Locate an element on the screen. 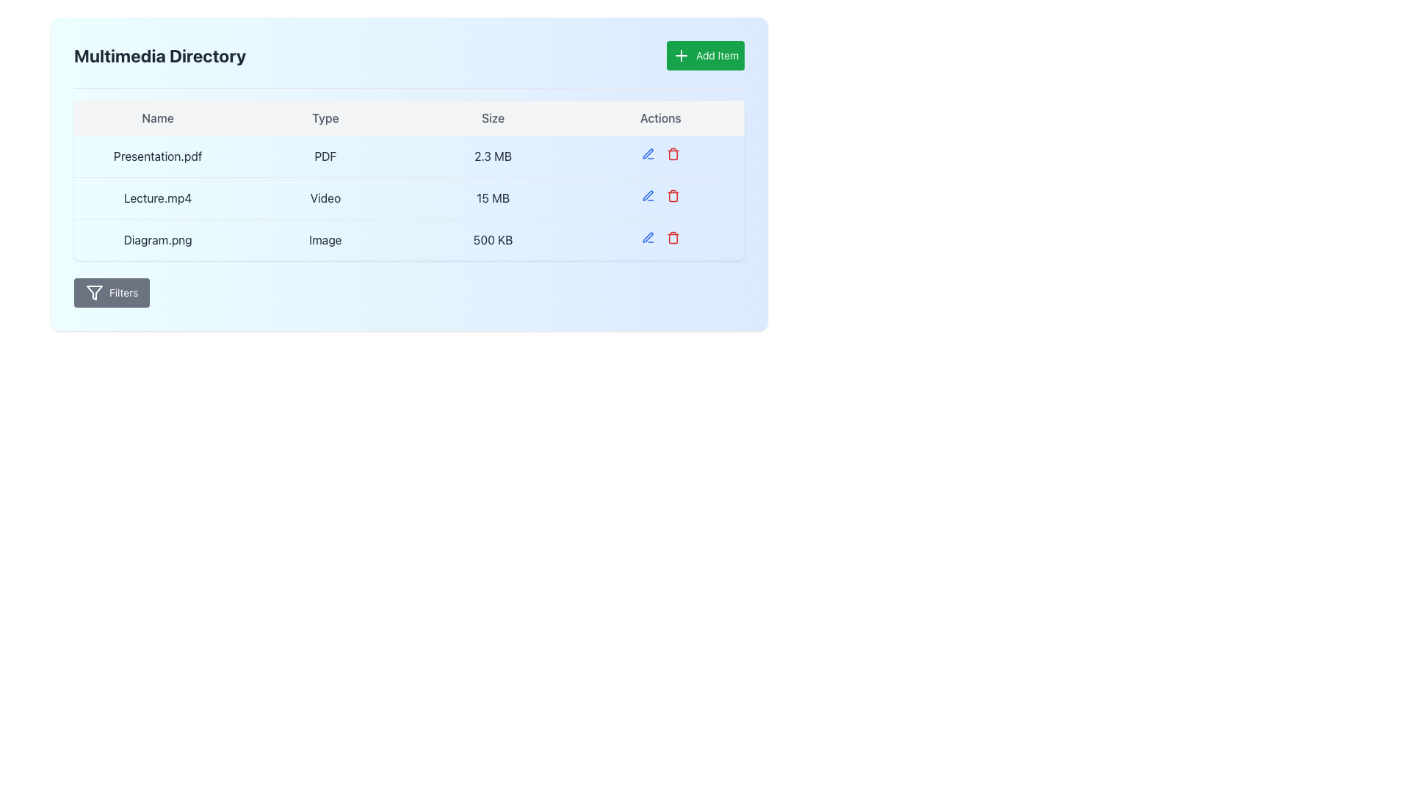 Image resolution: width=1410 pixels, height=793 pixels. the delete button located in the 'Actions' column of the table for the entry 'Presentation.pdf' is located at coordinates (672, 153).